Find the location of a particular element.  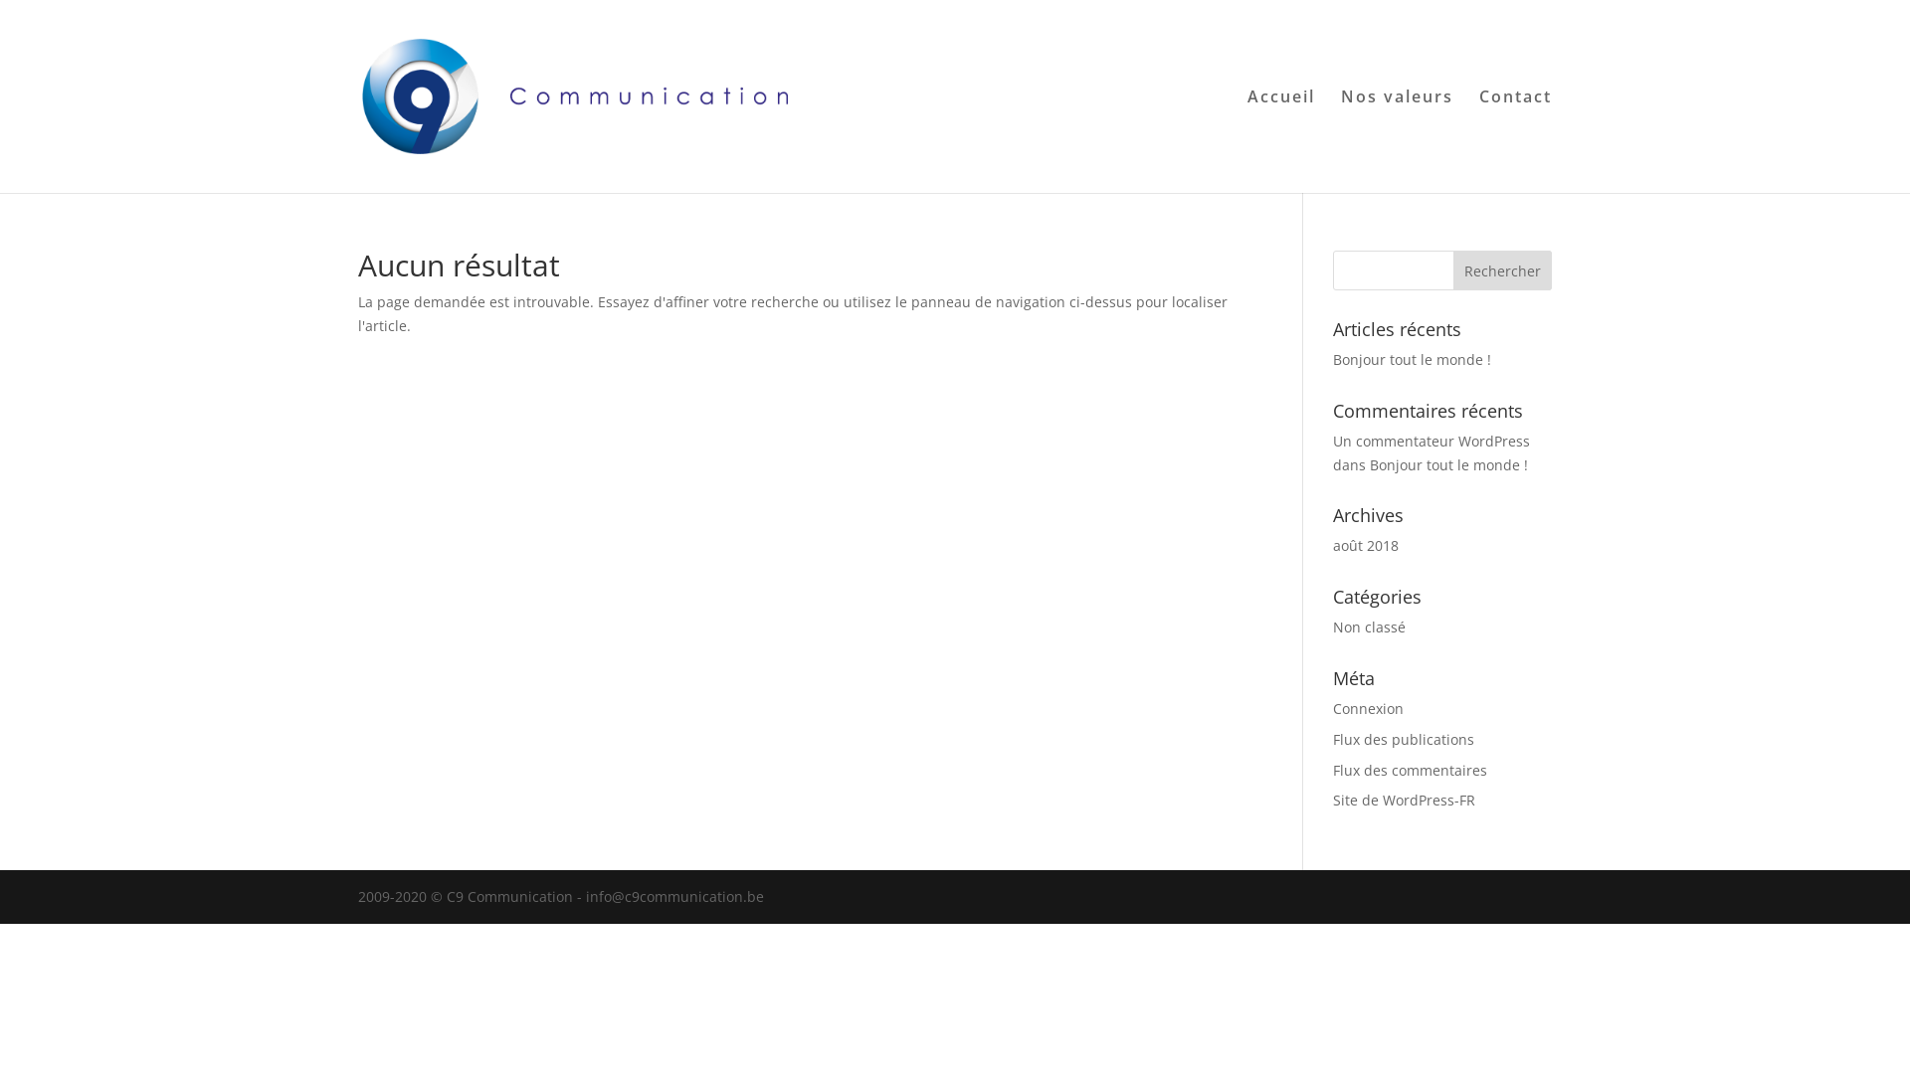

'Bonjour tout le monde !' is located at coordinates (1411, 359).